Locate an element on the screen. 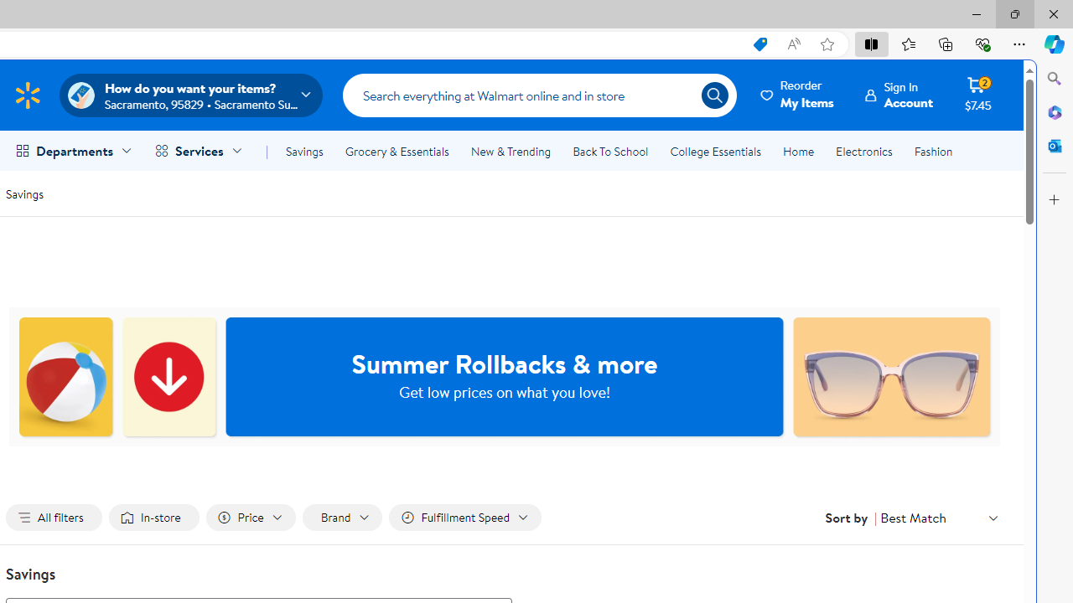  'Sign In Account' is located at coordinates (899, 95).